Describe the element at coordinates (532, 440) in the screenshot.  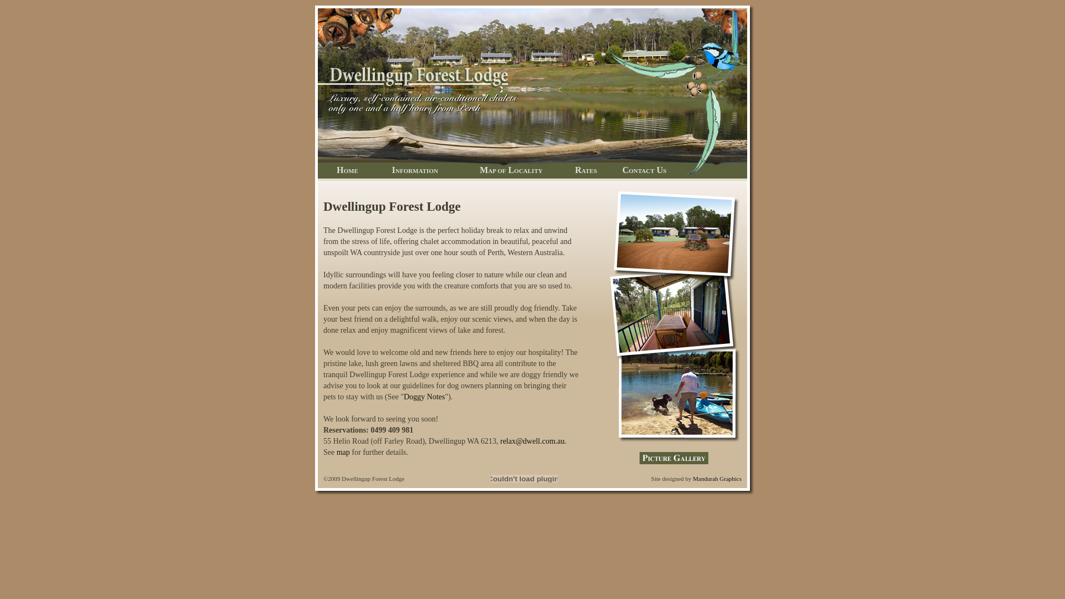
I see `'relax@dwell.com.au'` at that location.